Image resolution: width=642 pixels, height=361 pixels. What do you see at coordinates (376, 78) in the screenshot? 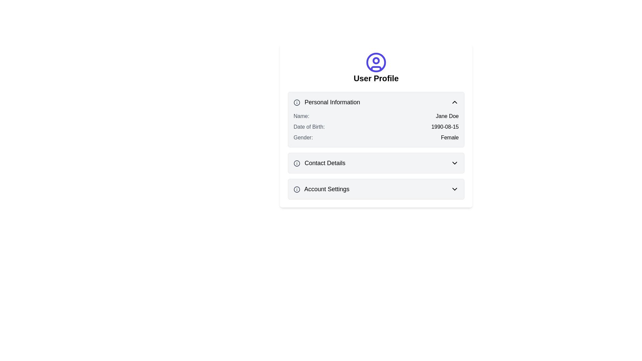
I see `the static text header that labels the user profile section of the interface, located below the circular user icon graphic and above collapsible sections` at bounding box center [376, 78].